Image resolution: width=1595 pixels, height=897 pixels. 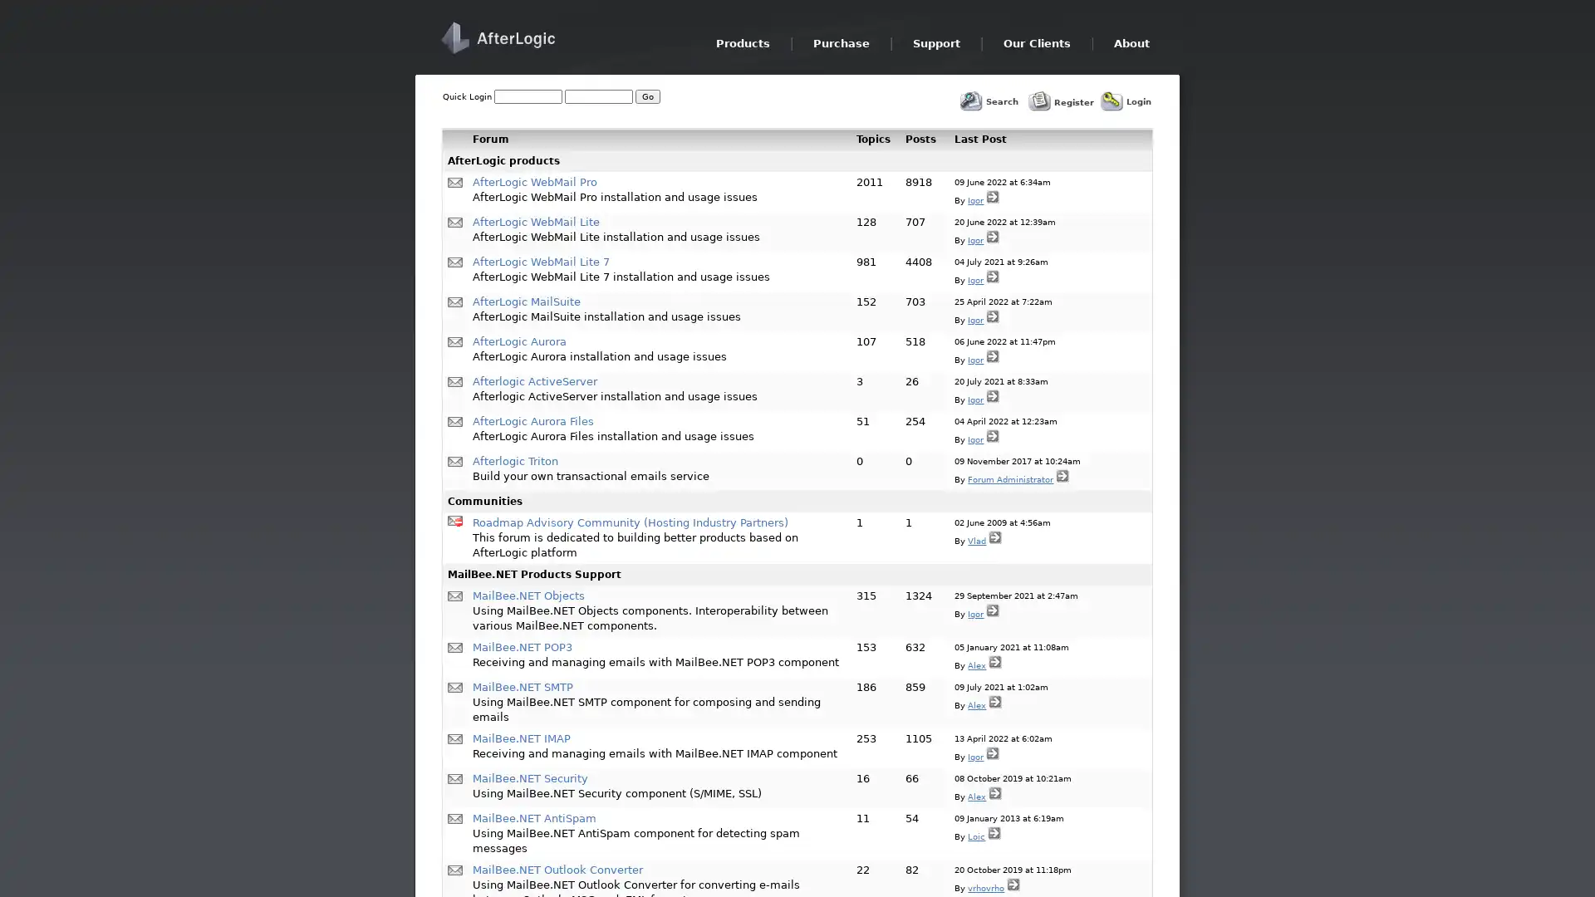 What do you see at coordinates (646, 96) in the screenshot?
I see `Go` at bounding box center [646, 96].